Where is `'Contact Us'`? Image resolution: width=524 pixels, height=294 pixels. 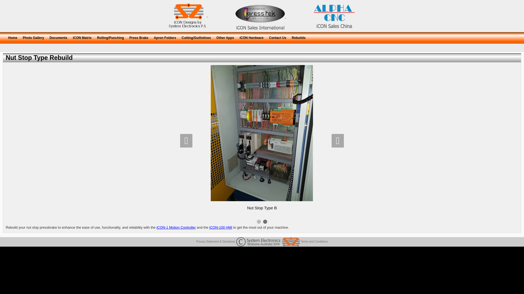 'Contact Us' is located at coordinates (266, 37).